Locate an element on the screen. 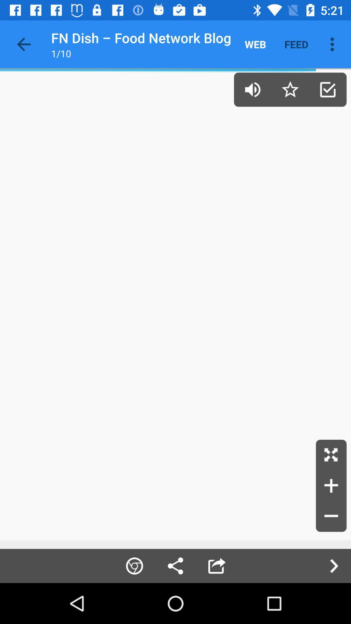 This screenshot has width=351, height=624. web is located at coordinates (255, 44).